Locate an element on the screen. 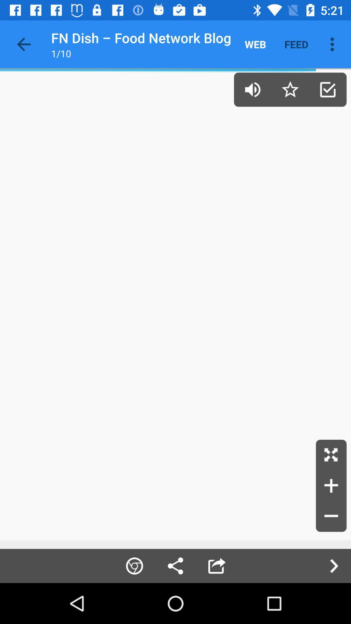 This screenshot has width=351, height=624. web is located at coordinates (255, 44).